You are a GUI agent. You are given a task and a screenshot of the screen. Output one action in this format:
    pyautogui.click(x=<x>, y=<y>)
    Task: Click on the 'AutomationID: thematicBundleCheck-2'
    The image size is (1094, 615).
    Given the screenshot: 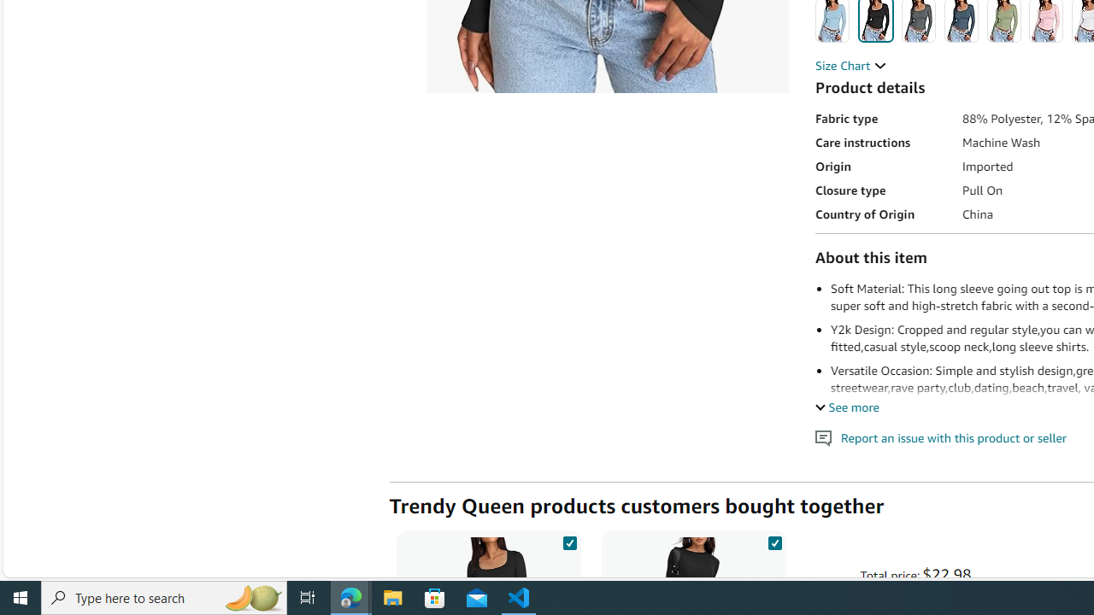 What is the action you would take?
    pyautogui.click(x=773, y=540)
    